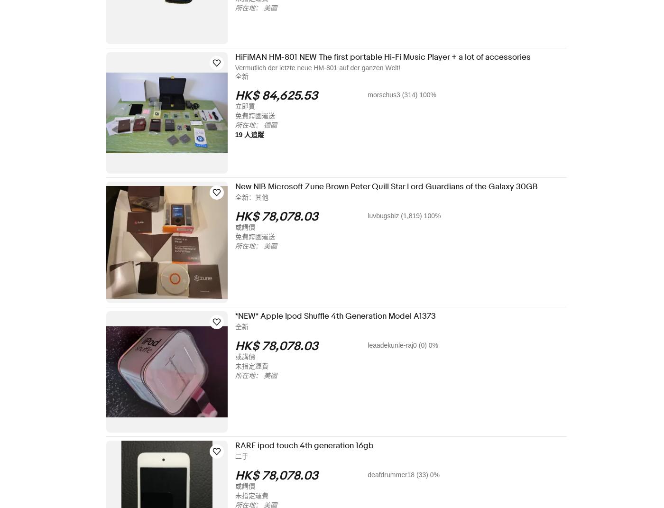  Describe the element at coordinates (389, 57) in the screenshot. I see `'HiFiMAN HM-801 NEW The first portable Hi-Fi Music Player + a lot of accessories'` at that location.